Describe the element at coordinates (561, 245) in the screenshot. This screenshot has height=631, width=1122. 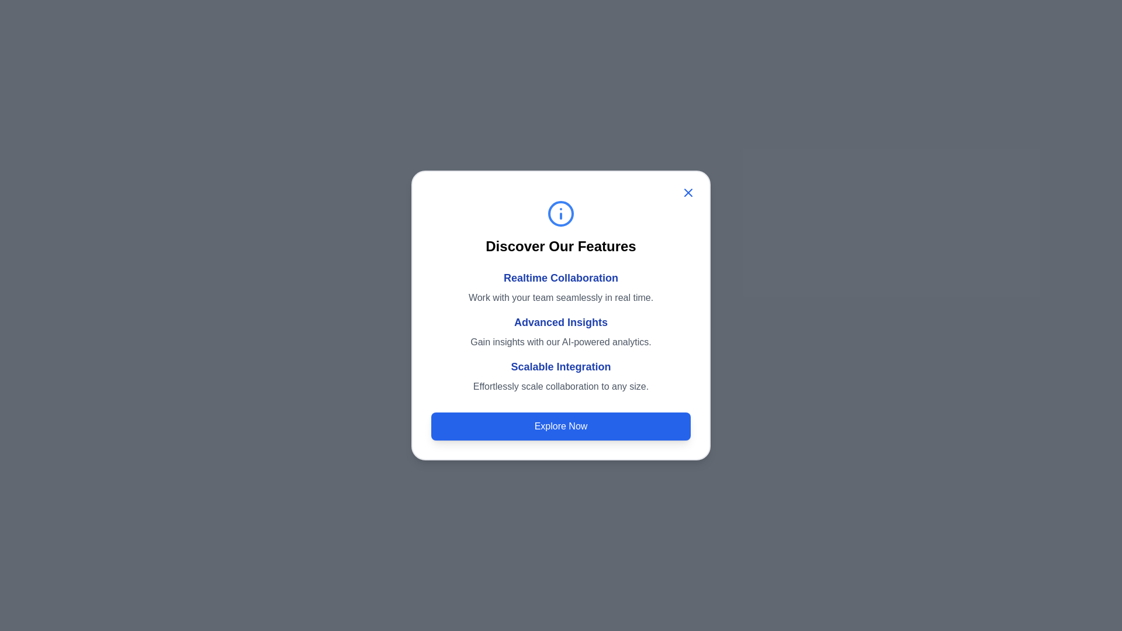
I see `prominent, bold, black text heading that says 'Discover Our Features', which is centrally located below an information icon and above additional feature descriptions` at that location.